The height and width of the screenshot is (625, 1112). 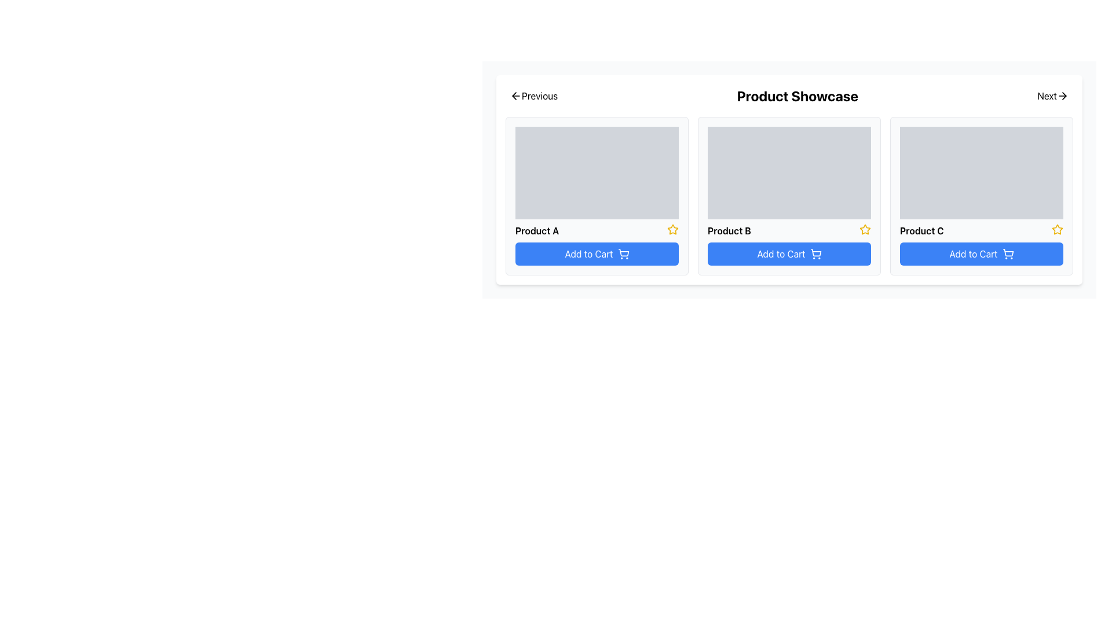 What do you see at coordinates (814, 253) in the screenshot?
I see `the shopping cart icon within the 'Add to Cart' button for 'Product B'` at bounding box center [814, 253].